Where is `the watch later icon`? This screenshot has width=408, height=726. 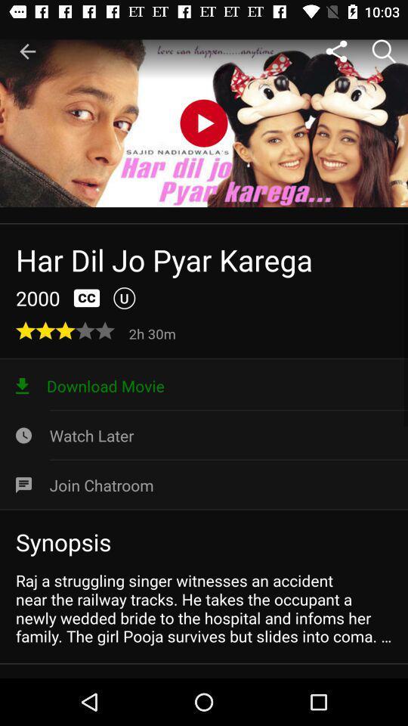 the watch later icon is located at coordinates (204, 436).